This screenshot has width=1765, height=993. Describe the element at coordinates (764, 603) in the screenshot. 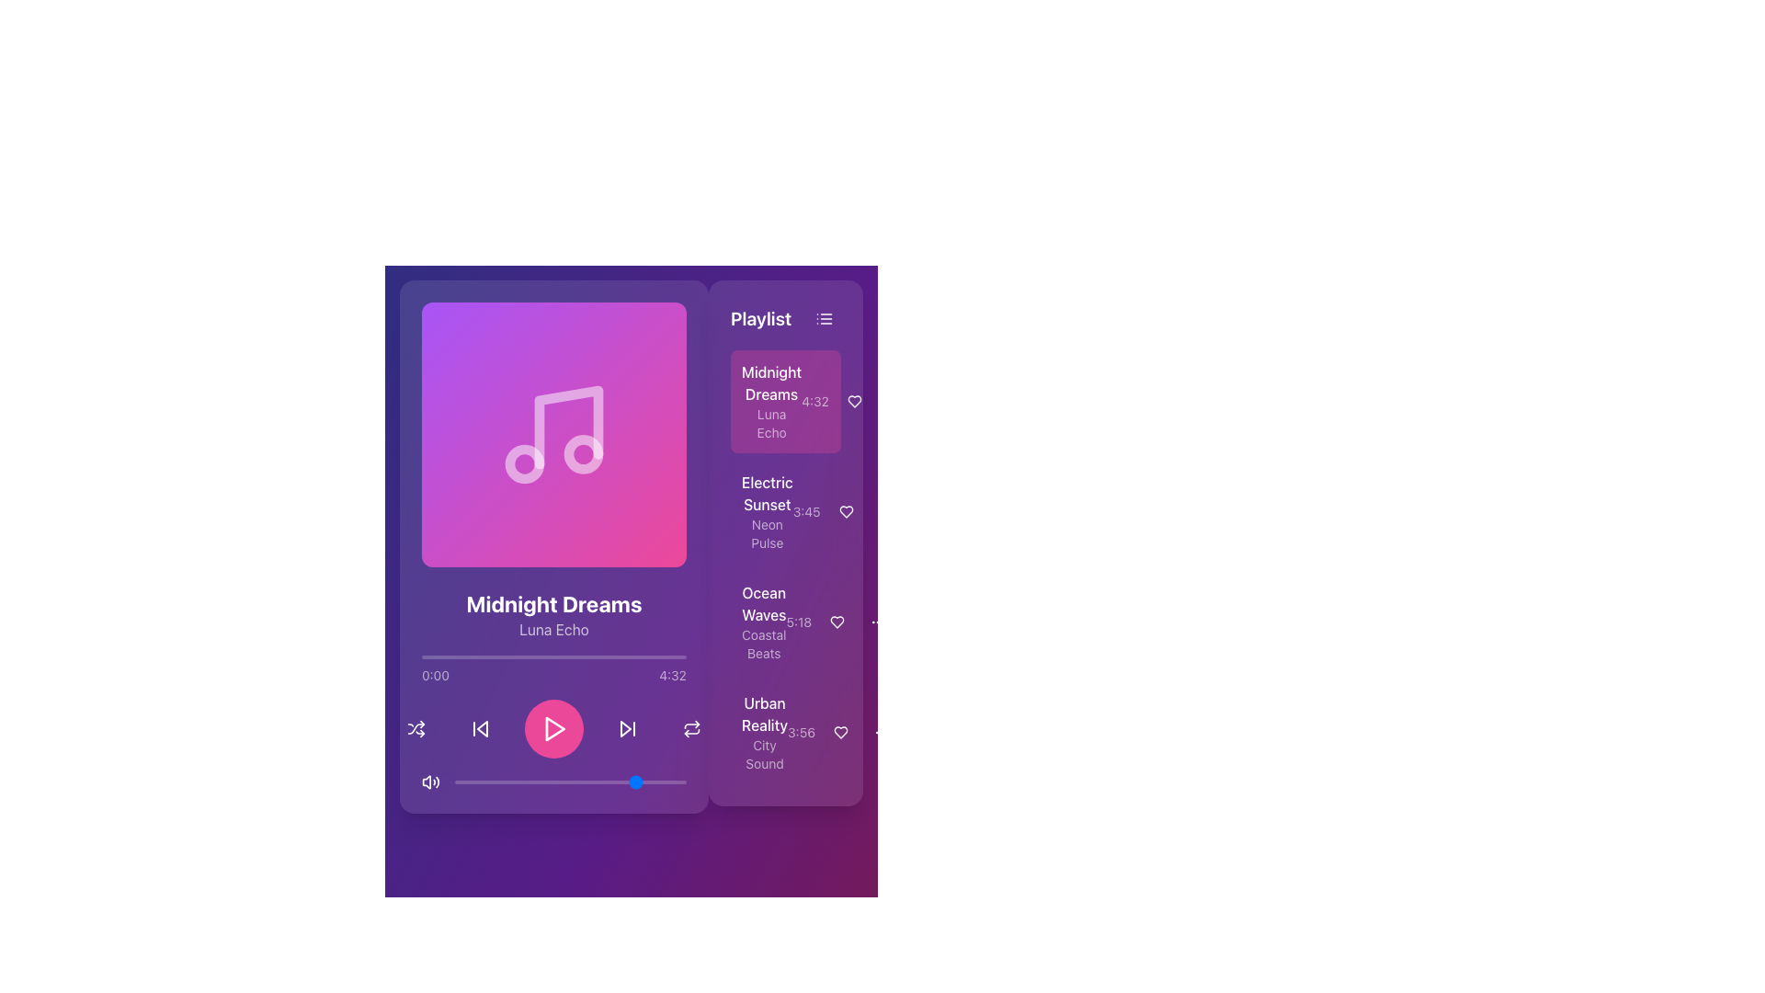

I see `the text element displaying 'Ocean Waves' in the Playlist section, which is styled in white on a purple background and is the first text of the third playlist entry` at that location.